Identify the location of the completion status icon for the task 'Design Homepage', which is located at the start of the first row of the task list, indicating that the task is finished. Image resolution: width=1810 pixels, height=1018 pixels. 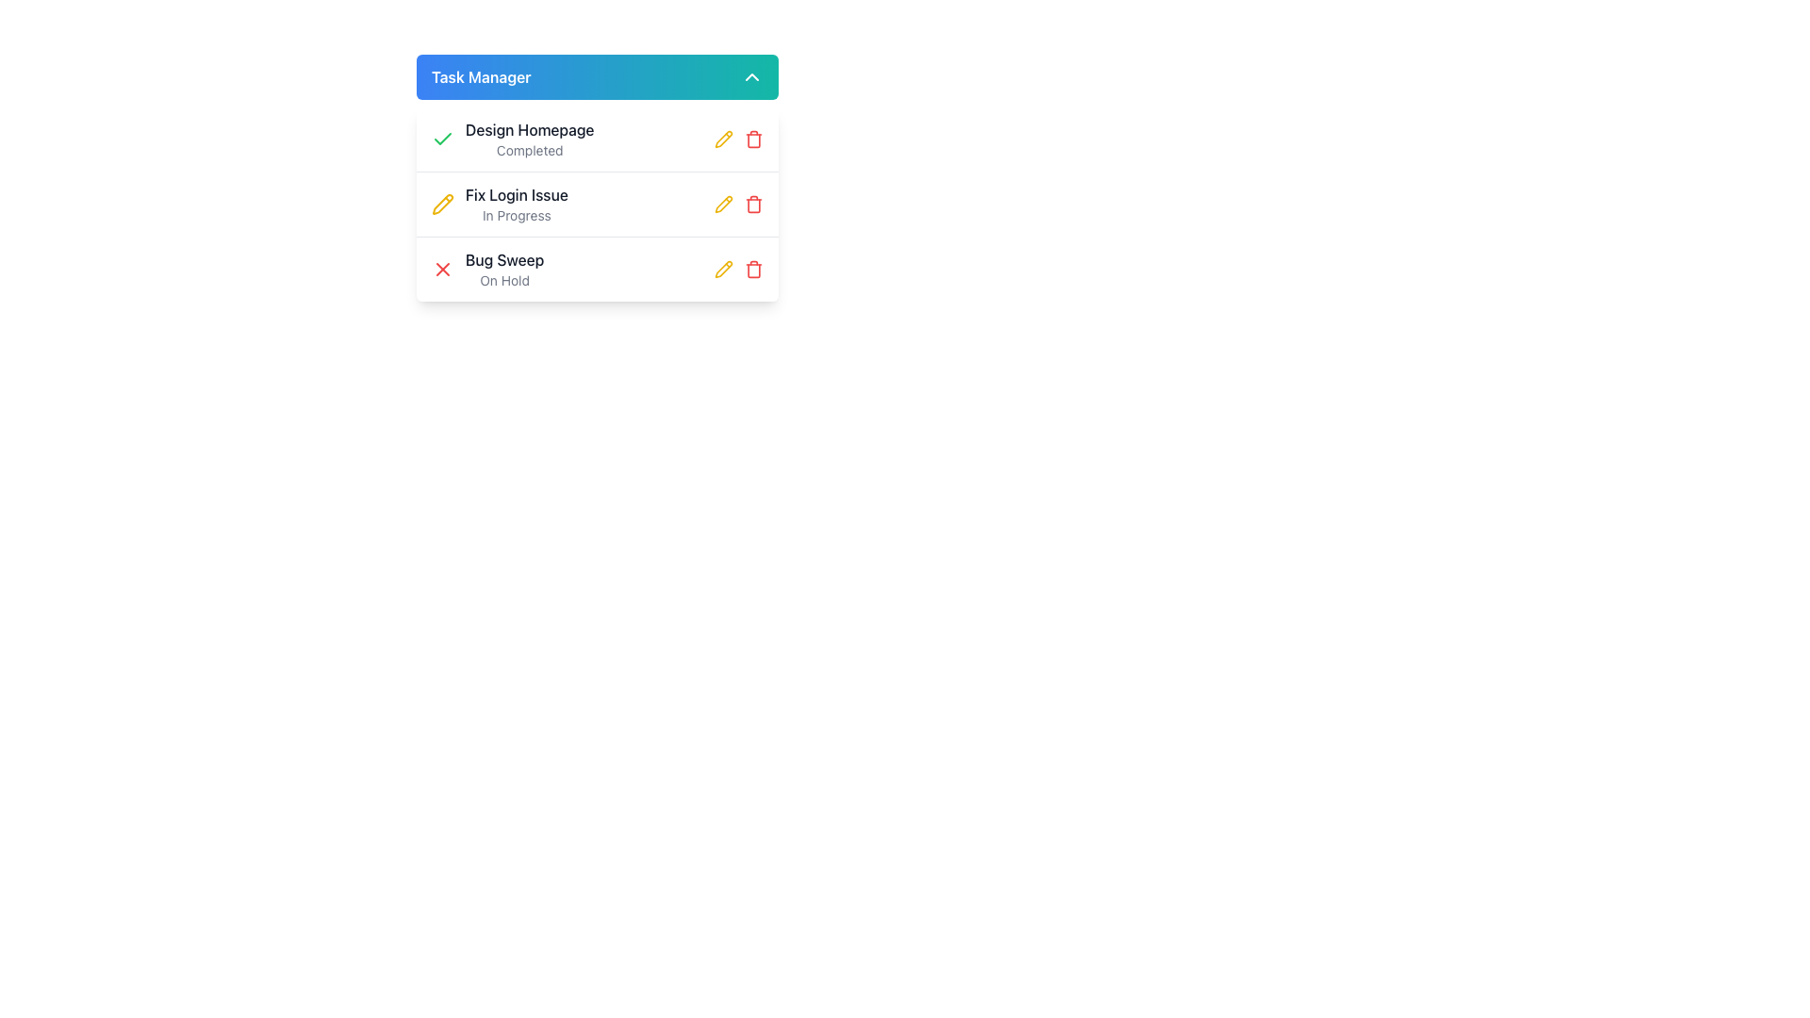
(442, 138).